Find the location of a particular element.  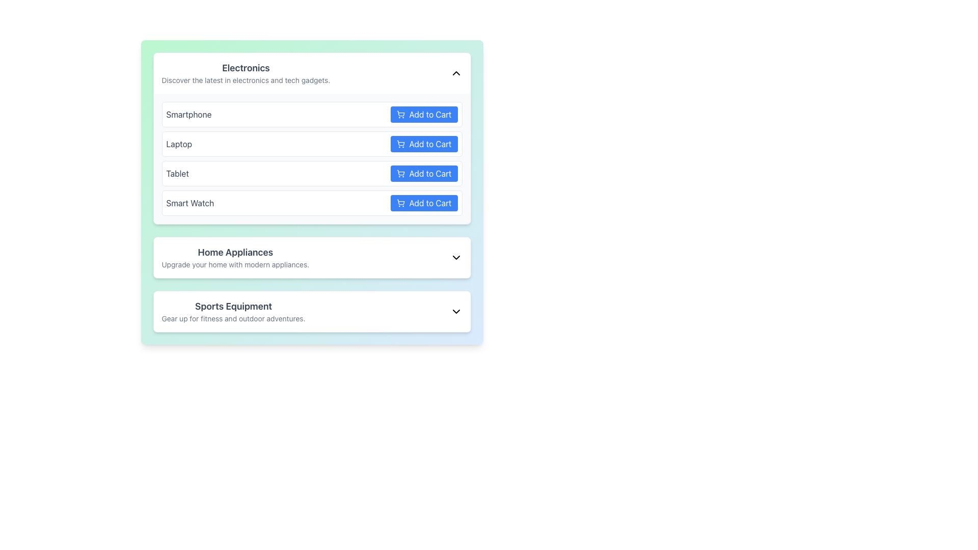

the text label that reads 'Upgrade your home with modern appliances.' which is a smaller, light gray font located directly below the 'Home Appliances' title is located at coordinates (235, 264).